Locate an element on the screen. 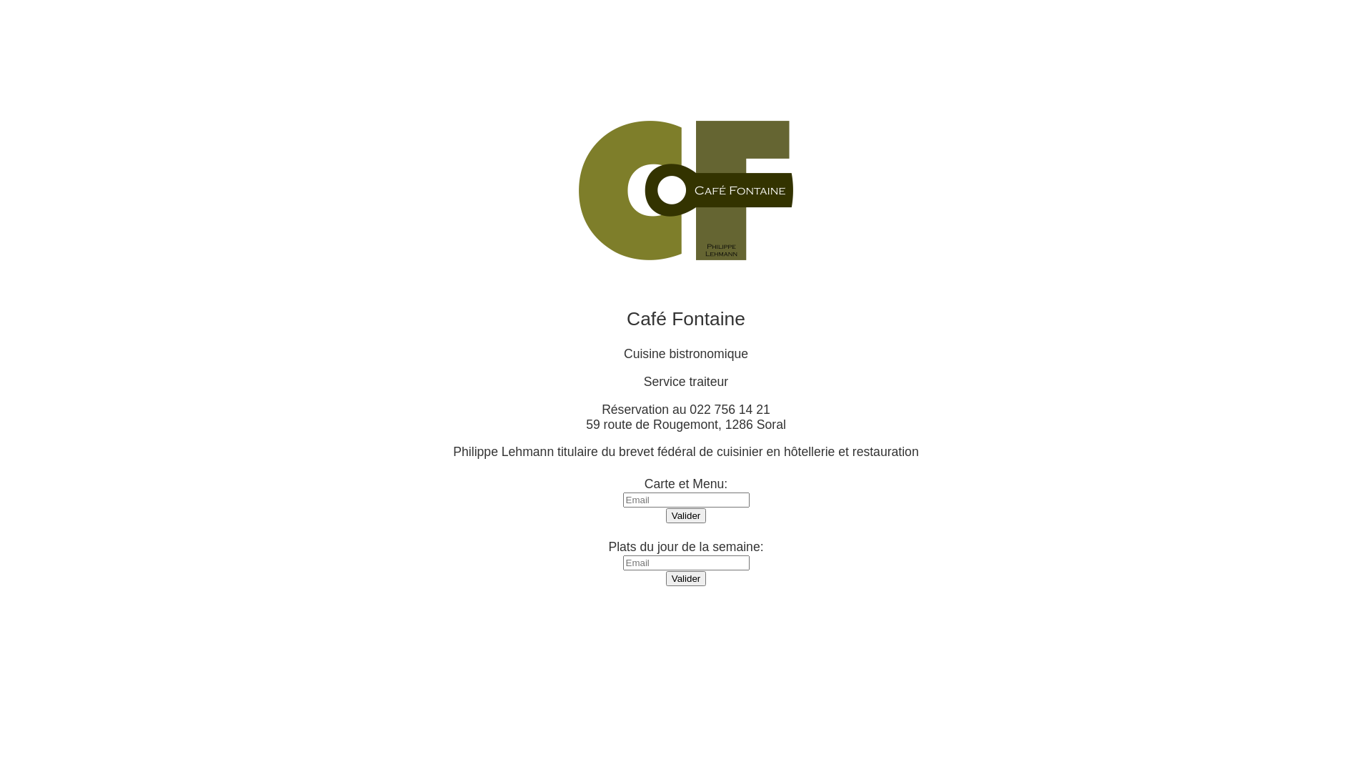 The width and height of the screenshot is (1372, 772). 'Valider' is located at coordinates (686, 578).